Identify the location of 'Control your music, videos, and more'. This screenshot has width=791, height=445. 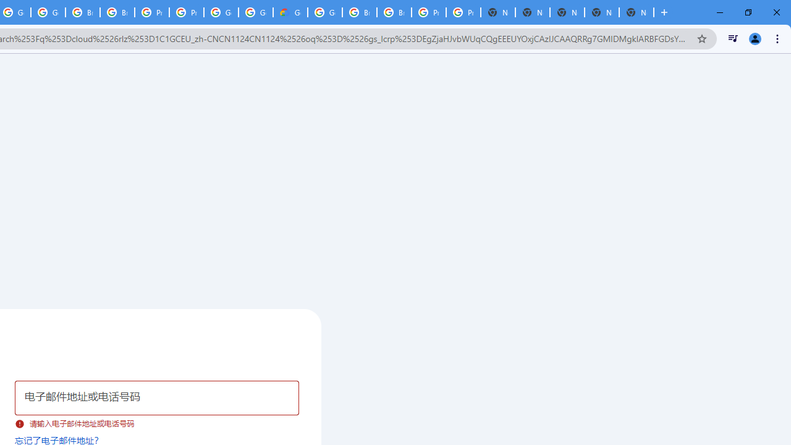
(732, 38).